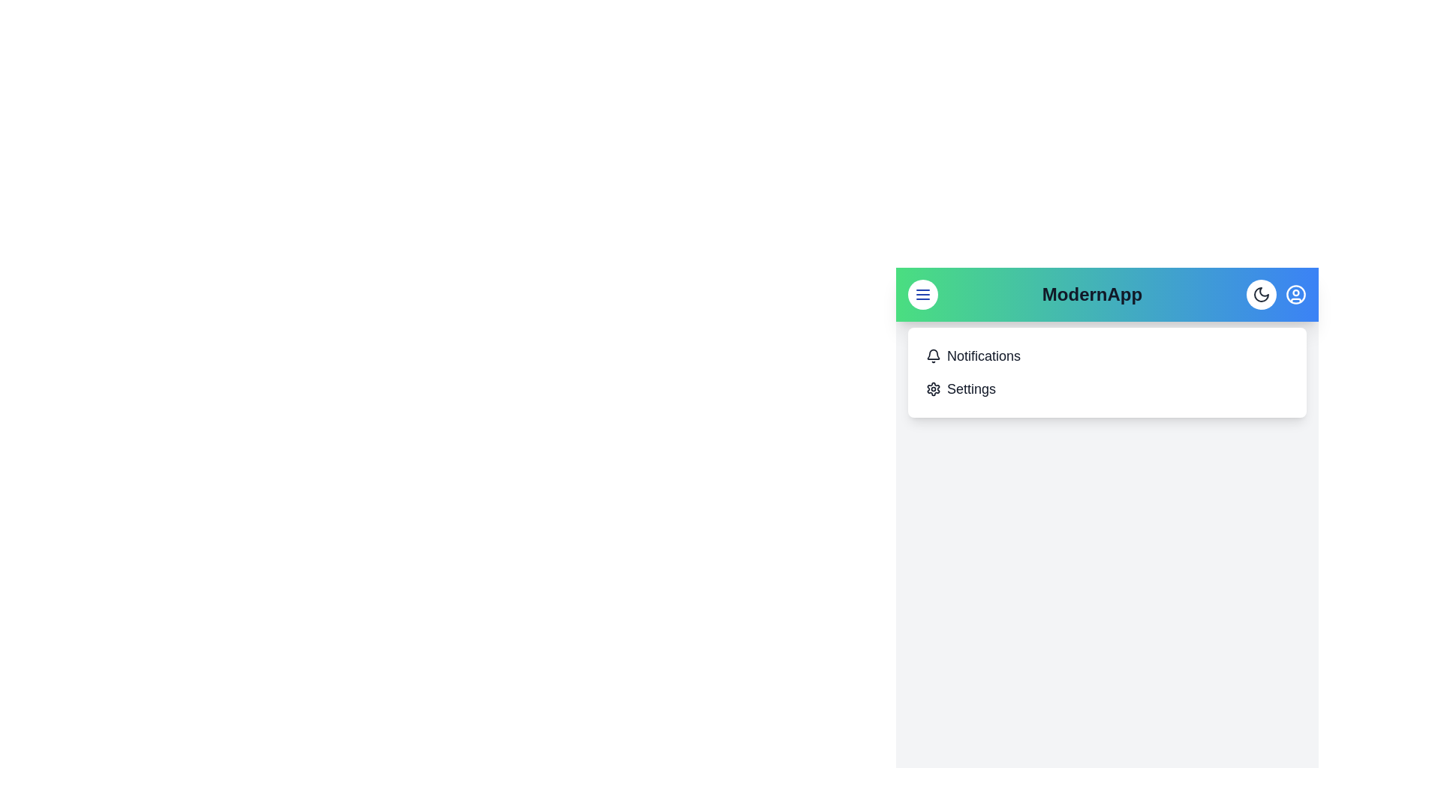 The width and height of the screenshot is (1441, 810). What do you see at coordinates (1295, 295) in the screenshot?
I see `the user profile icon` at bounding box center [1295, 295].